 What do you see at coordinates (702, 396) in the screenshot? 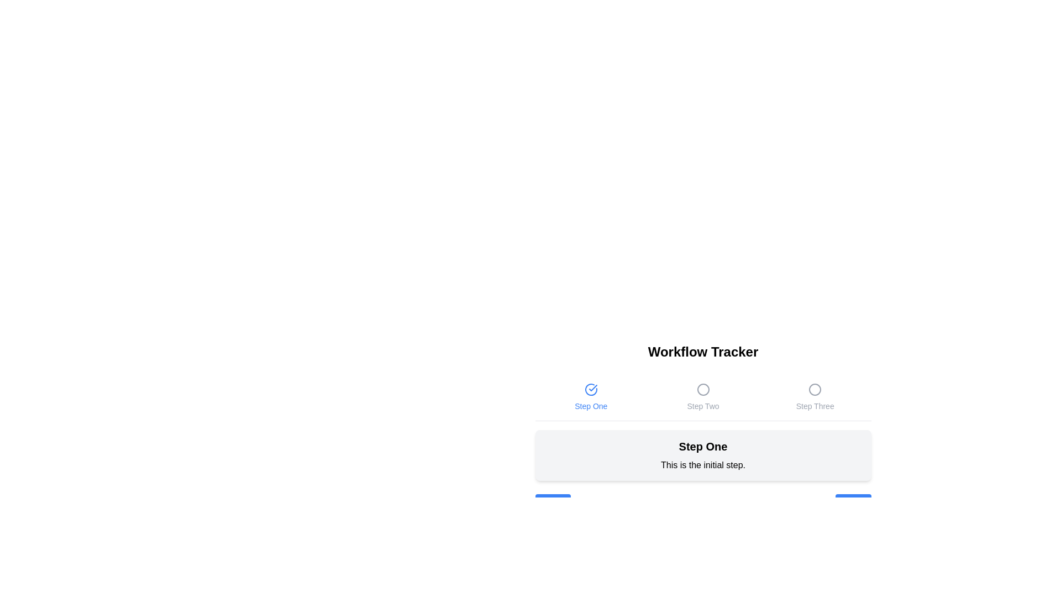
I see `the 'Step Two' circular icon in the workflow tracker, which is styled with a gray outline and located between the active first step and the inactive third step` at bounding box center [702, 396].